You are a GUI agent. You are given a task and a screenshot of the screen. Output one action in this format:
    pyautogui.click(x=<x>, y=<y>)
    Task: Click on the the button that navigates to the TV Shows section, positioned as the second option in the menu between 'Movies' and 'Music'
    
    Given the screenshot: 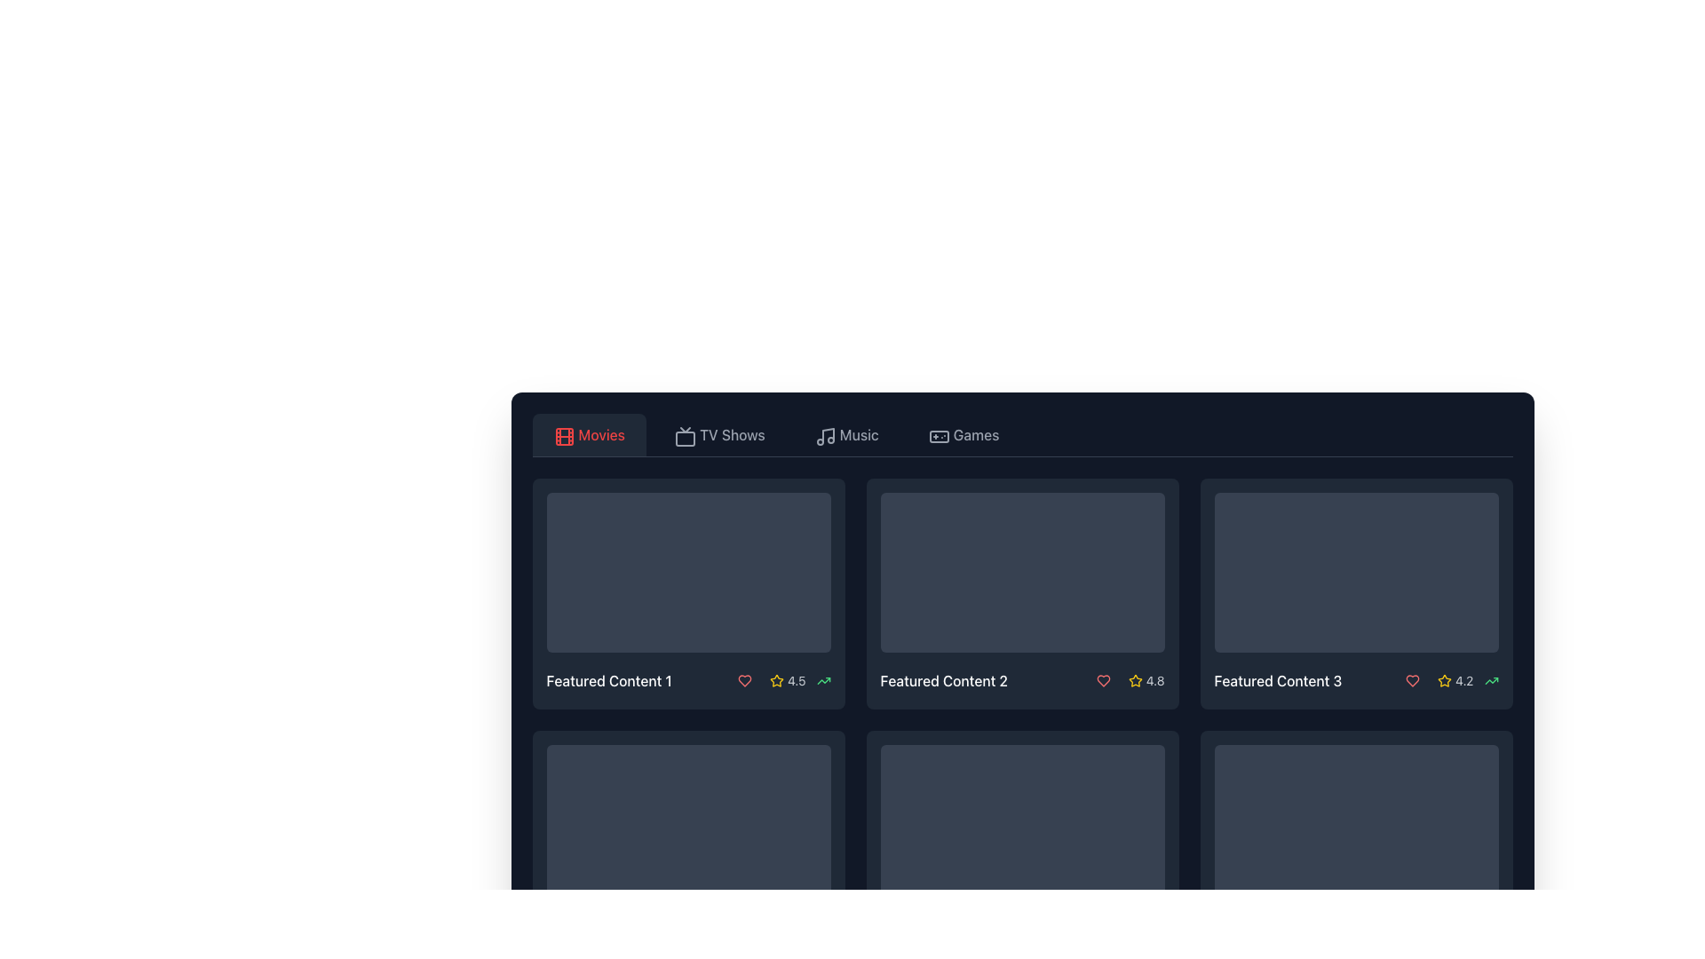 What is the action you would take?
    pyautogui.click(x=719, y=434)
    